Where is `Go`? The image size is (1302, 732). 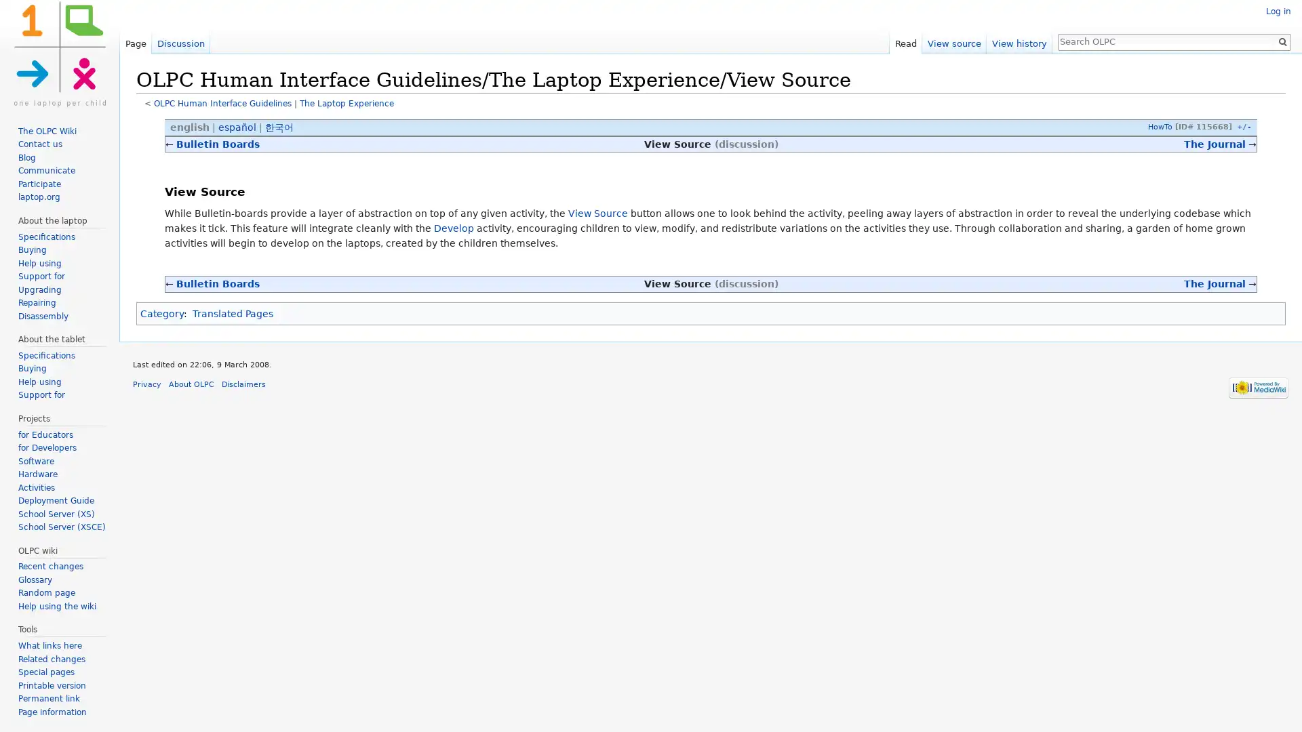 Go is located at coordinates (1282, 41).